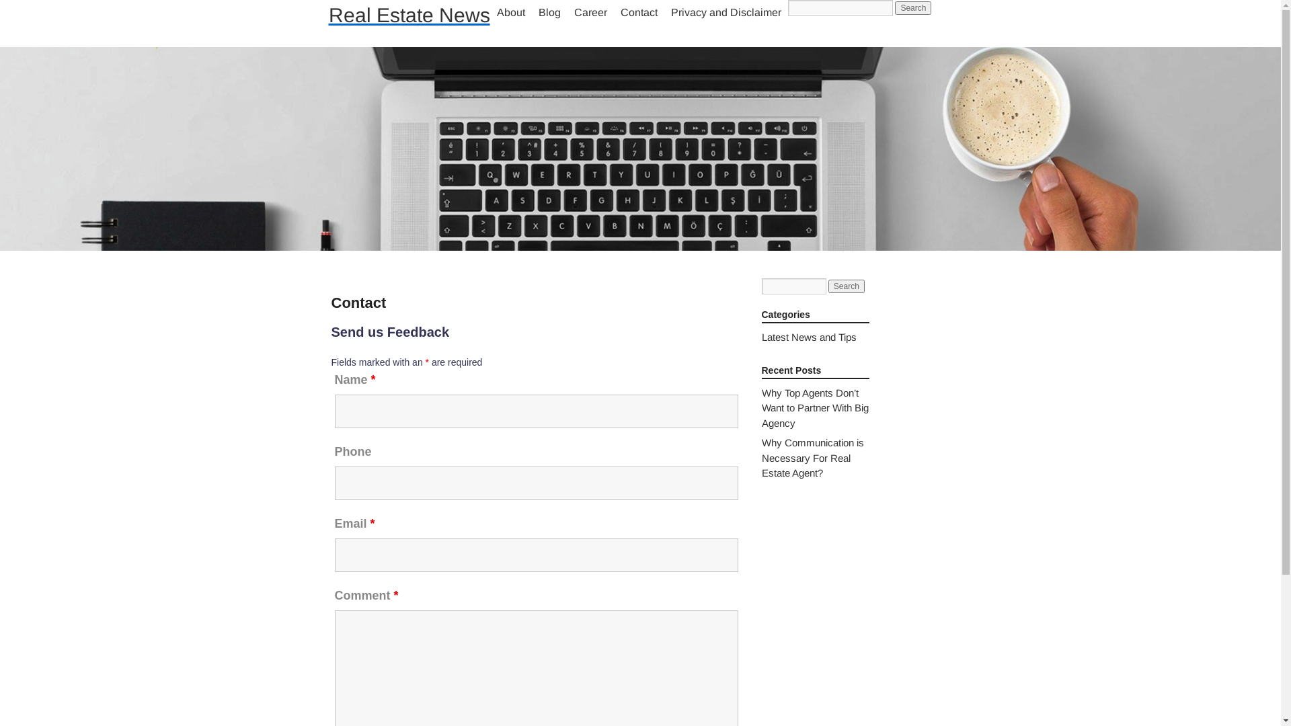 The width and height of the screenshot is (1291, 726). What do you see at coordinates (549, 13) in the screenshot?
I see `'Blog'` at bounding box center [549, 13].